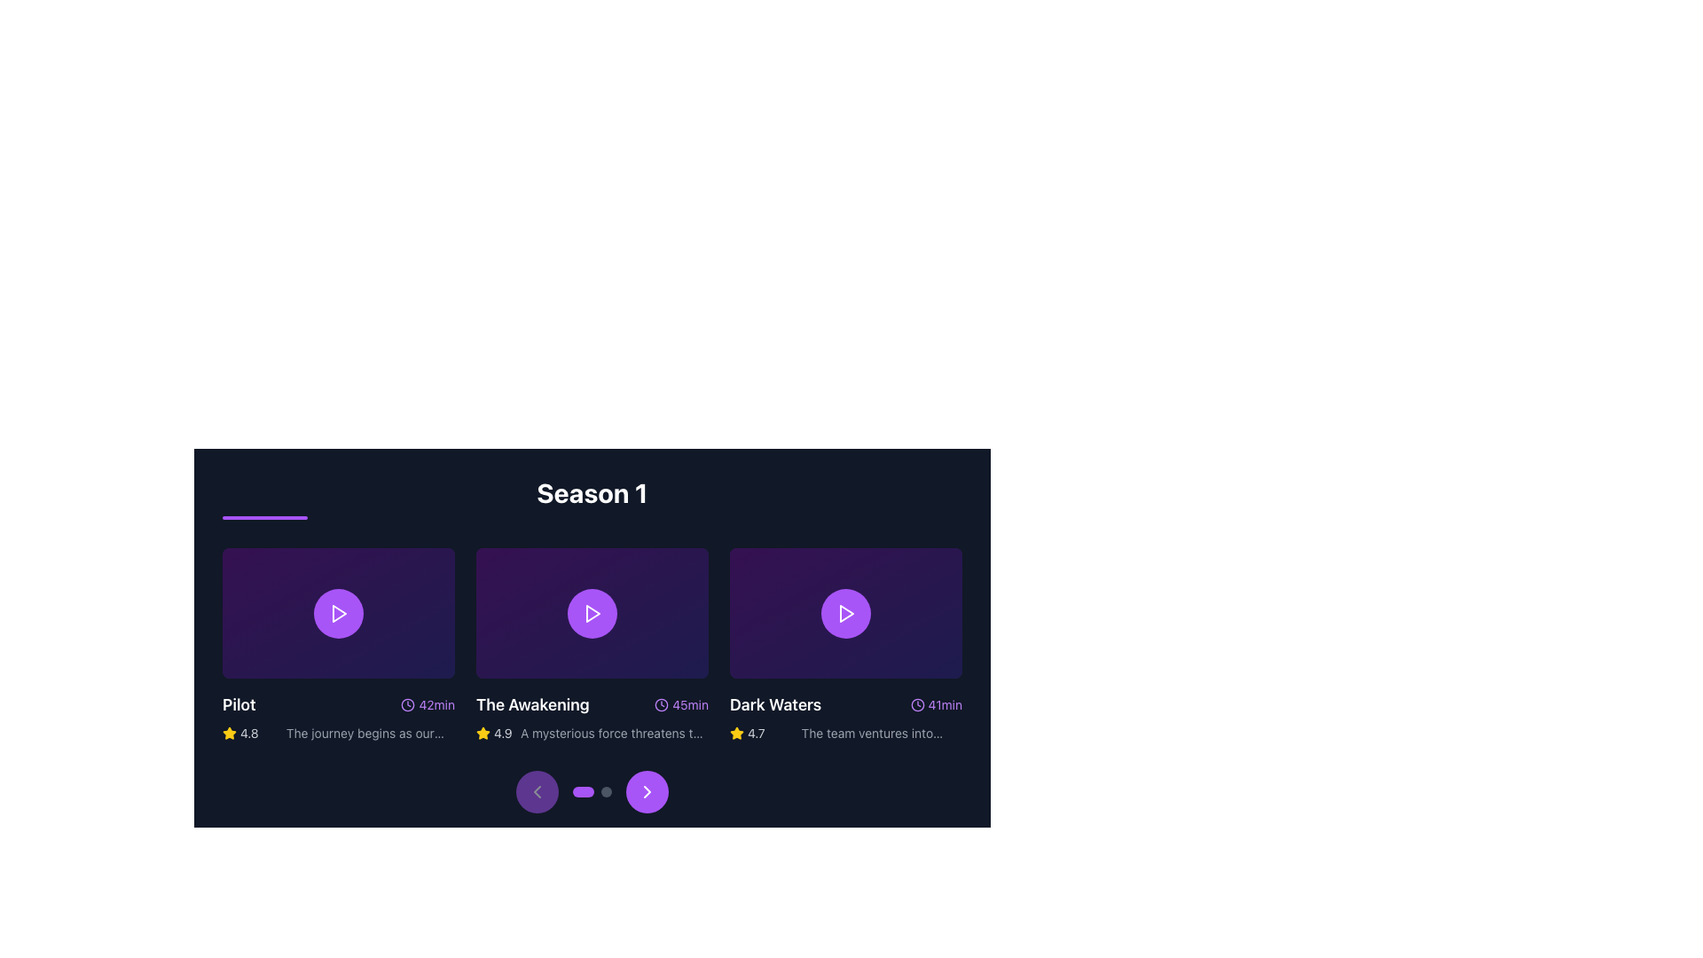 This screenshot has height=958, width=1703. What do you see at coordinates (339, 611) in the screenshot?
I see `the centrally positioned play button within the list of content item cards` at bounding box center [339, 611].